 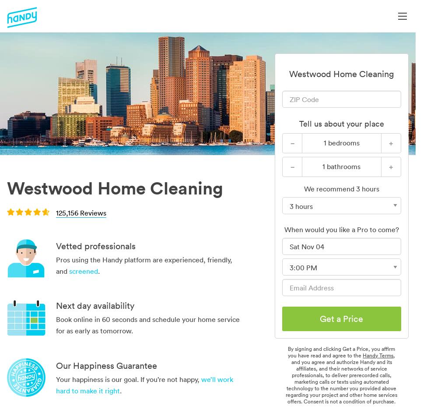 What do you see at coordinates (83, 271) in the screenshot?
I see `'screened'` at bounding box center [83, 271].